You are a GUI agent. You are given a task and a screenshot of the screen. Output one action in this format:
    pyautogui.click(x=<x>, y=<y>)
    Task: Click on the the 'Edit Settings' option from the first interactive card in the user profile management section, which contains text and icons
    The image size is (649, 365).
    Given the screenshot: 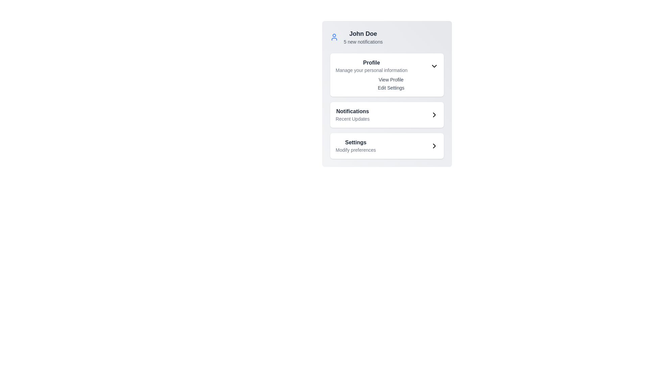 What is the action you would take?
    pyautogui.click(x=387, y=75)
    